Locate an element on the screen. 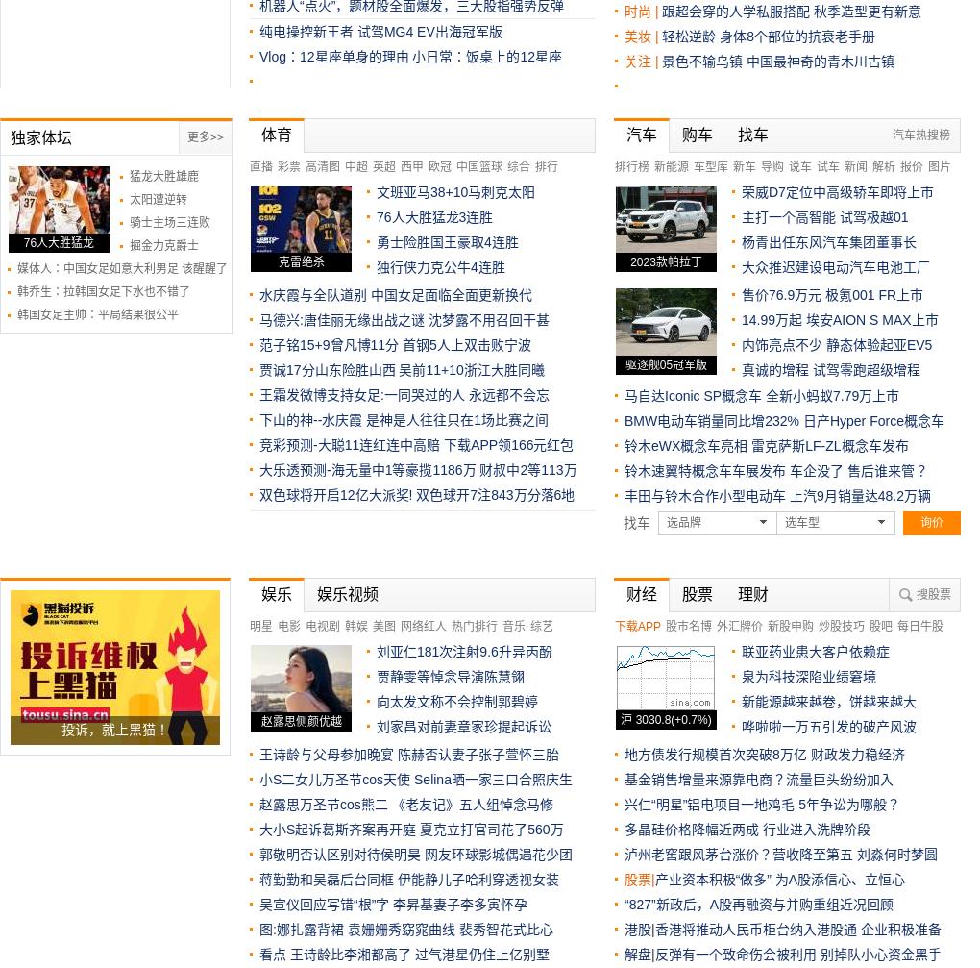 This screenshot has width=980, height=968. '全新小蚂蚁7.79万上市' is located at coordinates (831, 395).